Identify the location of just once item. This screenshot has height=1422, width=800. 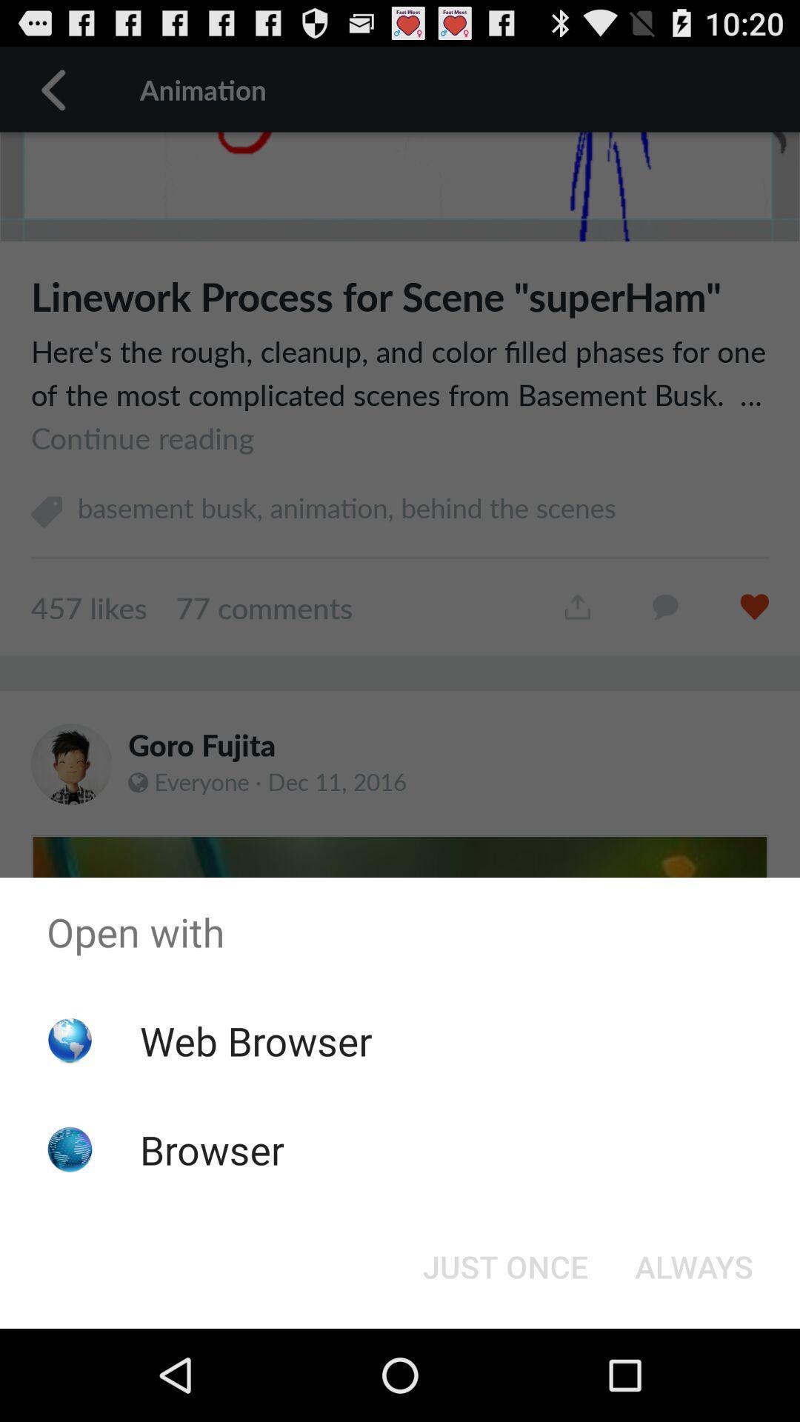
(504, 1265).